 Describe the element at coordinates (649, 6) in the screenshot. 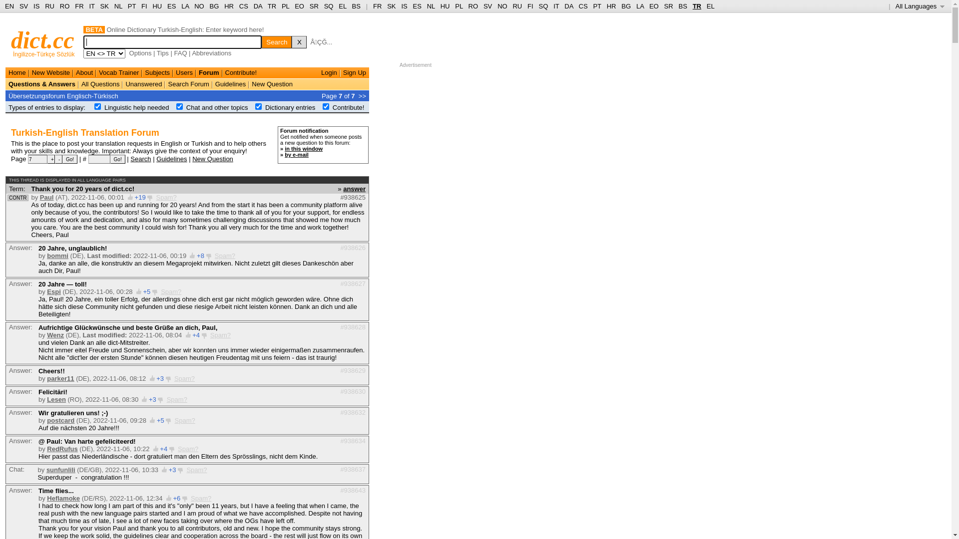

I see `'EO'` at that location.